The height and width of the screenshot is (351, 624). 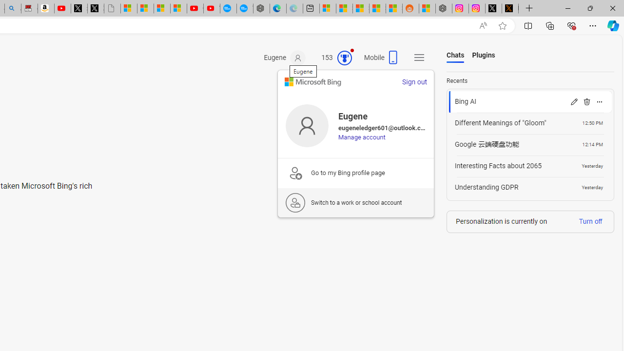 I want to click on 'Gloom - YouTube', so click(x=195, y=8).